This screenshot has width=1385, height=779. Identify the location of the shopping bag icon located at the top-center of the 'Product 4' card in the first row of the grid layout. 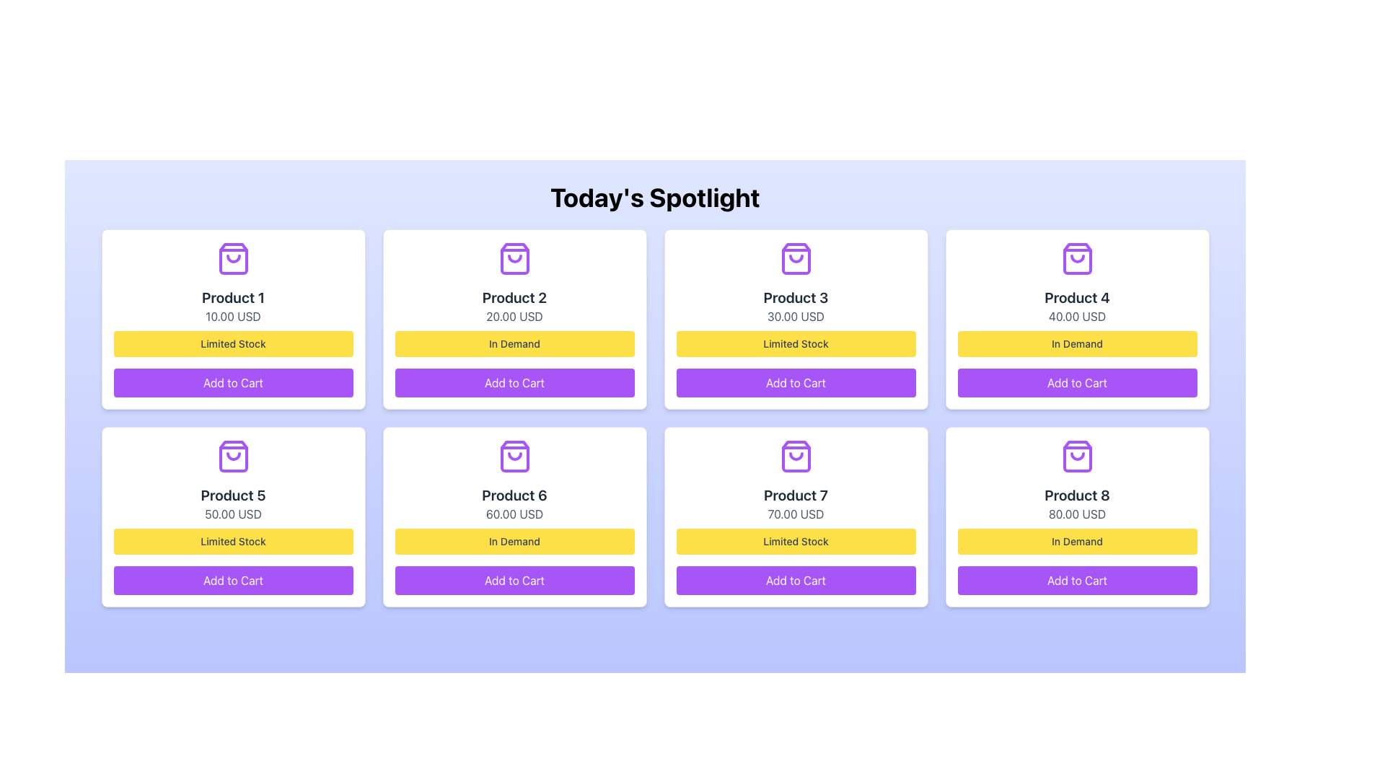
(1077, 258).